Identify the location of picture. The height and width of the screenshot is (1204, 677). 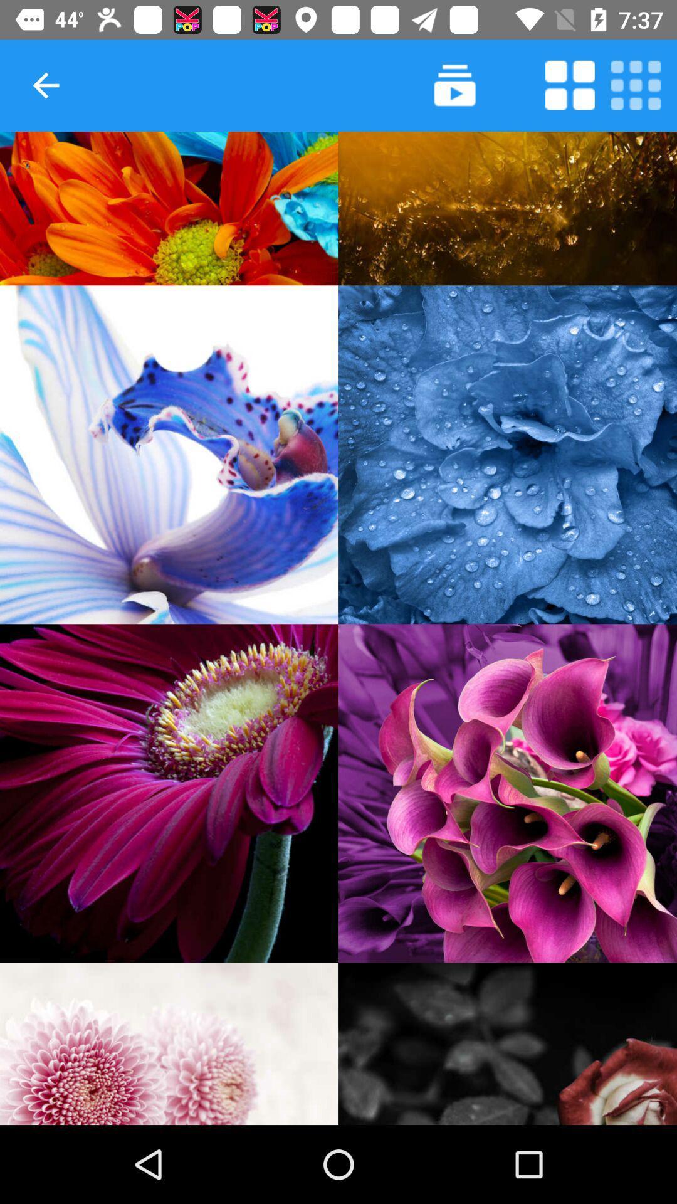
(169, 793).